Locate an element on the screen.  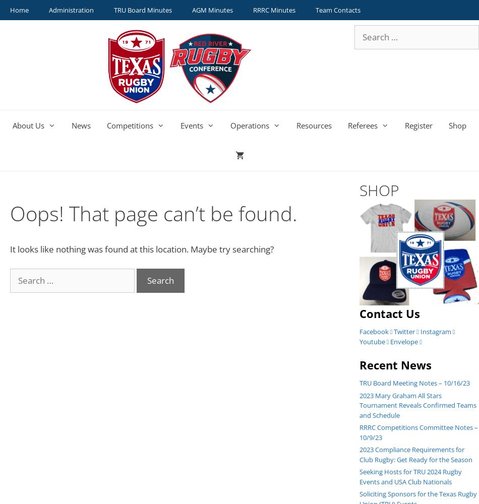
'SHOP' is located at coordinates (378, 190).